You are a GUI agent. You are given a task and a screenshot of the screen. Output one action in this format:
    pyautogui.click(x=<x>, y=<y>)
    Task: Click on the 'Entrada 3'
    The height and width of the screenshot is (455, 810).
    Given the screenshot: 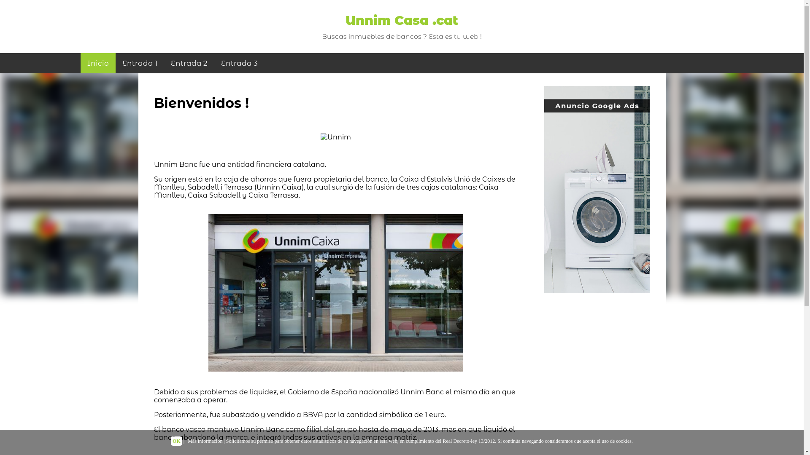 What is the action you would take?
    pyautogui.click(x=239, y=63)
    